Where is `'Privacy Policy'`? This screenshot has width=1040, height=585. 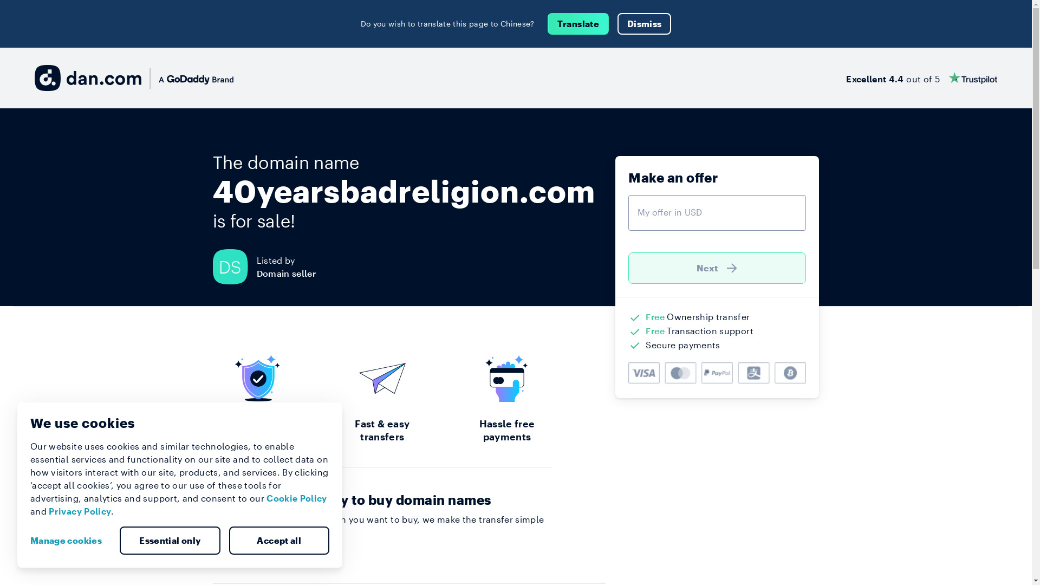 'Privacy Policy' is located at coordinates (79, 511).